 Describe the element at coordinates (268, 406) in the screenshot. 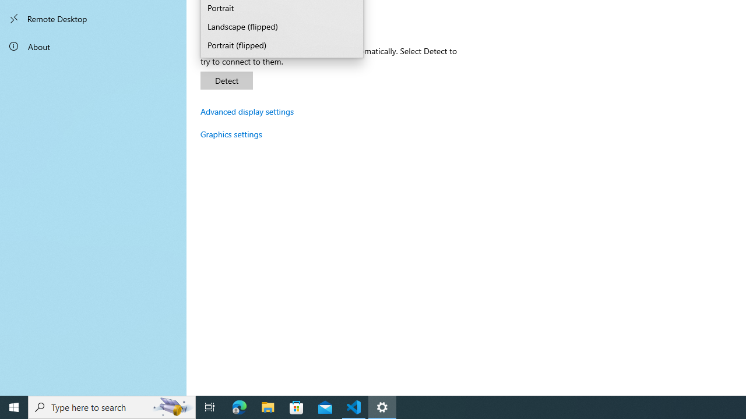

I see `'File Explorer'` at that location.